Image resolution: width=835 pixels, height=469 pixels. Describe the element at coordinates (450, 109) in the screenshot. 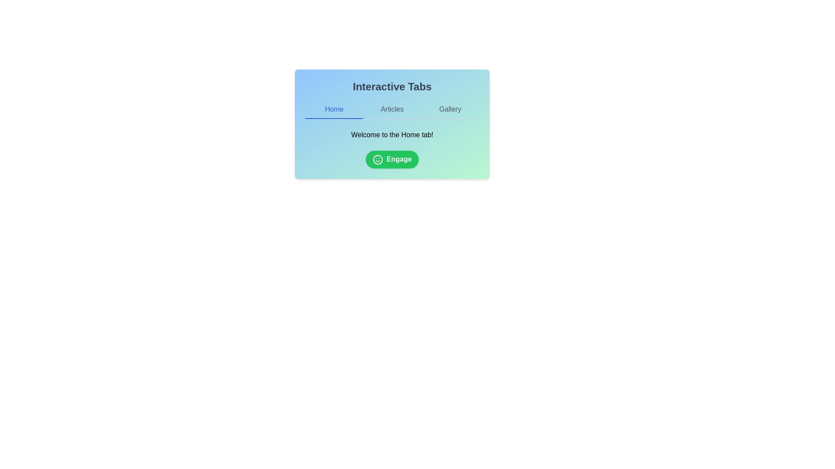

I see `the 'Gallery' text-based navigation tab, which is the third item in the horizontal navigation bar at the top of the card interface, located to the right of 'Articles' and to the far right of 'Home'` at that location.